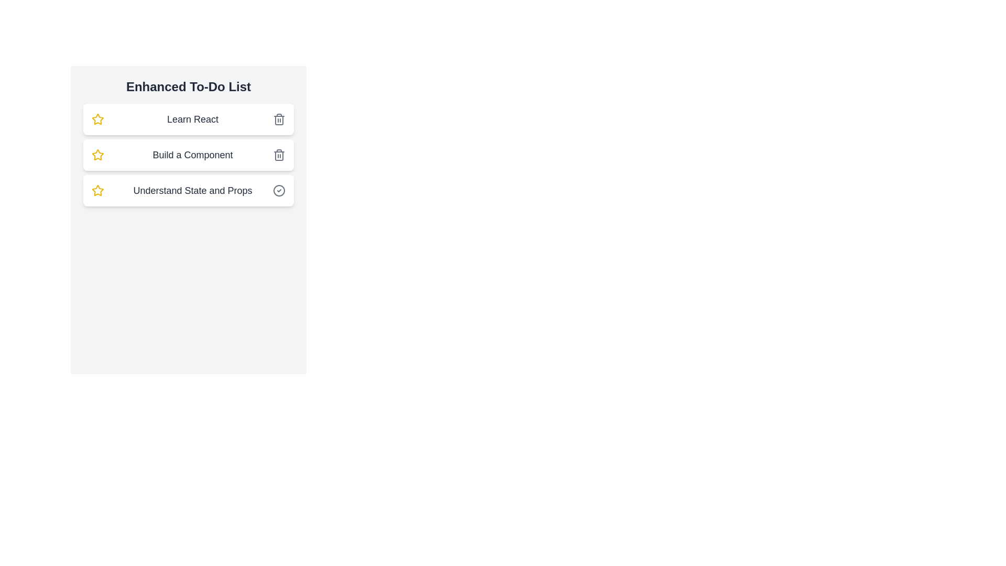 This screenshot has width=1006, height=566. Describe the element at coordinates (189, 118) in the screenshot. I see `the text 'Learn React' in the first List item of the Enhanced To-Do List` at that location.